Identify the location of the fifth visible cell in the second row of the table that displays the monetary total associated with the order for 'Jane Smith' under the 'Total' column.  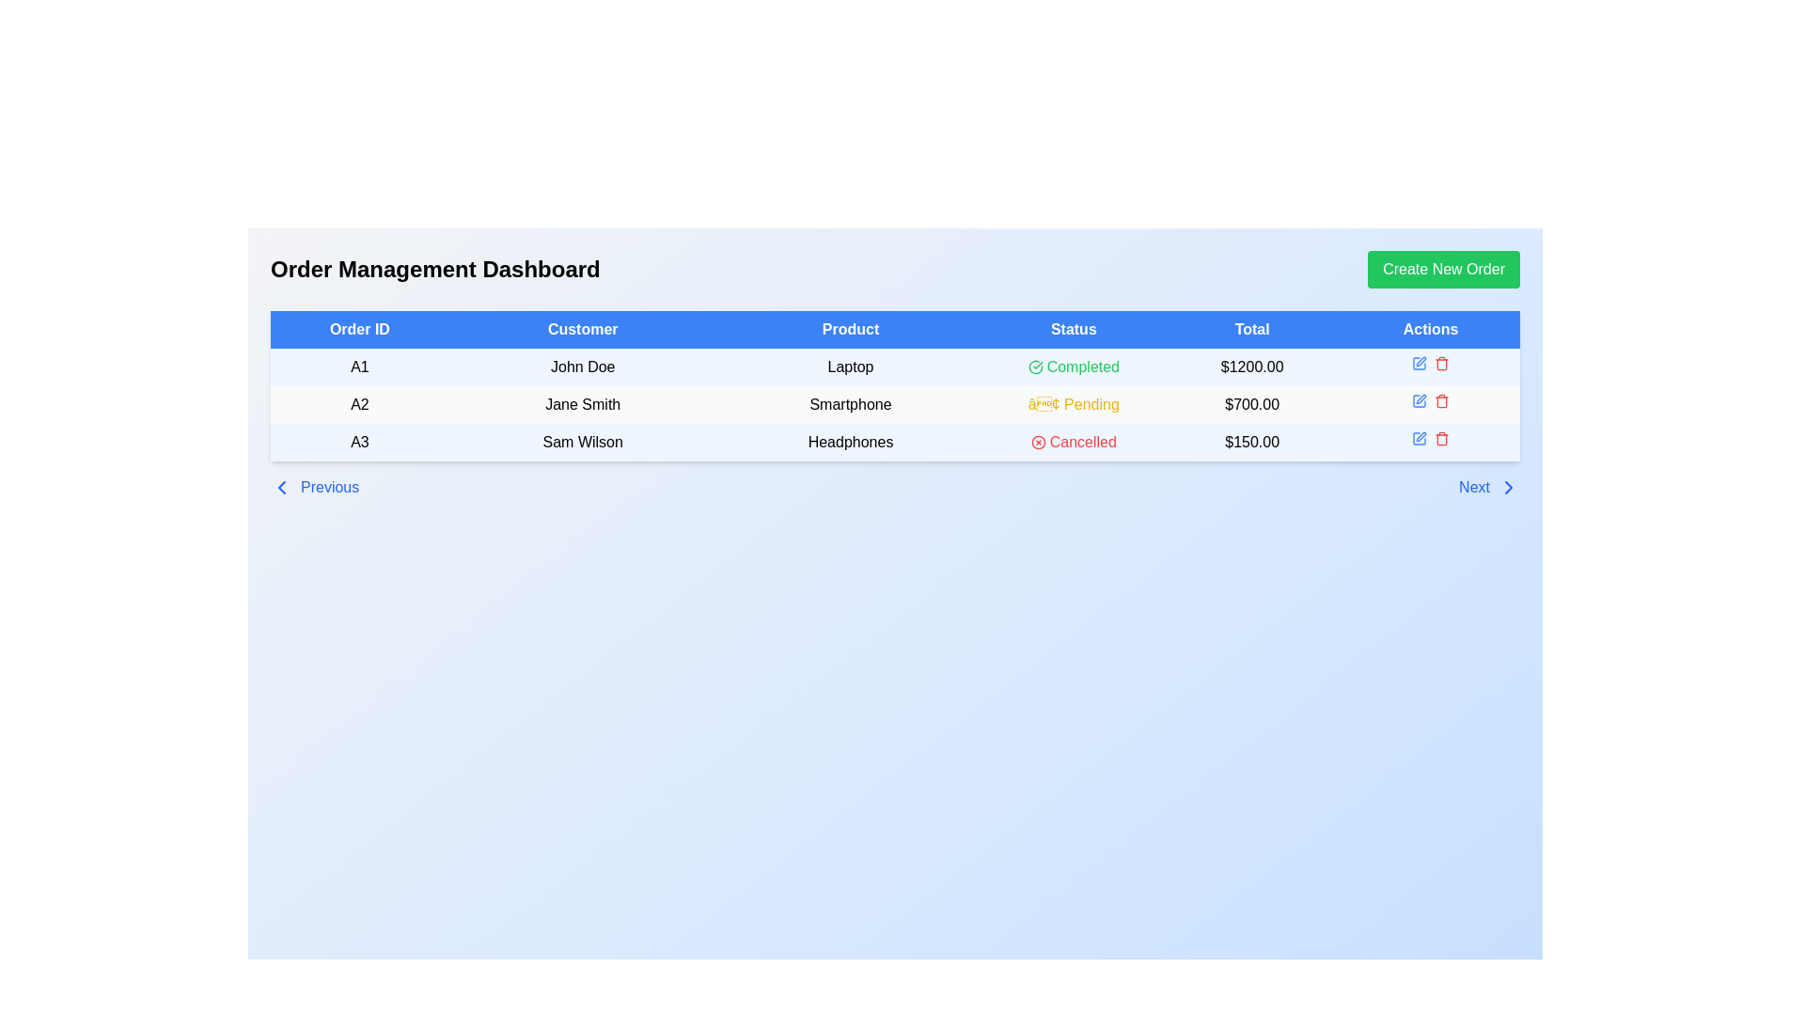
(1252, 404).